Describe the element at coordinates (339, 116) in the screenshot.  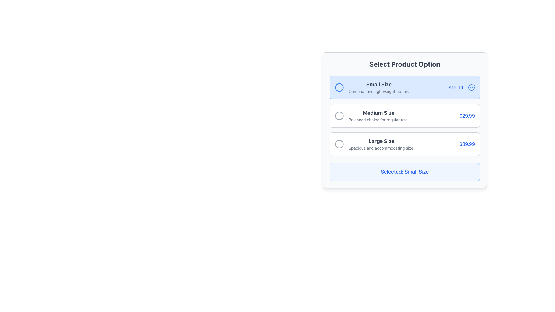
I see `the circular SVG graphic located to the left of the 'Medium Size' option in the product selection interface using keyboard navigation to select it` at that location.